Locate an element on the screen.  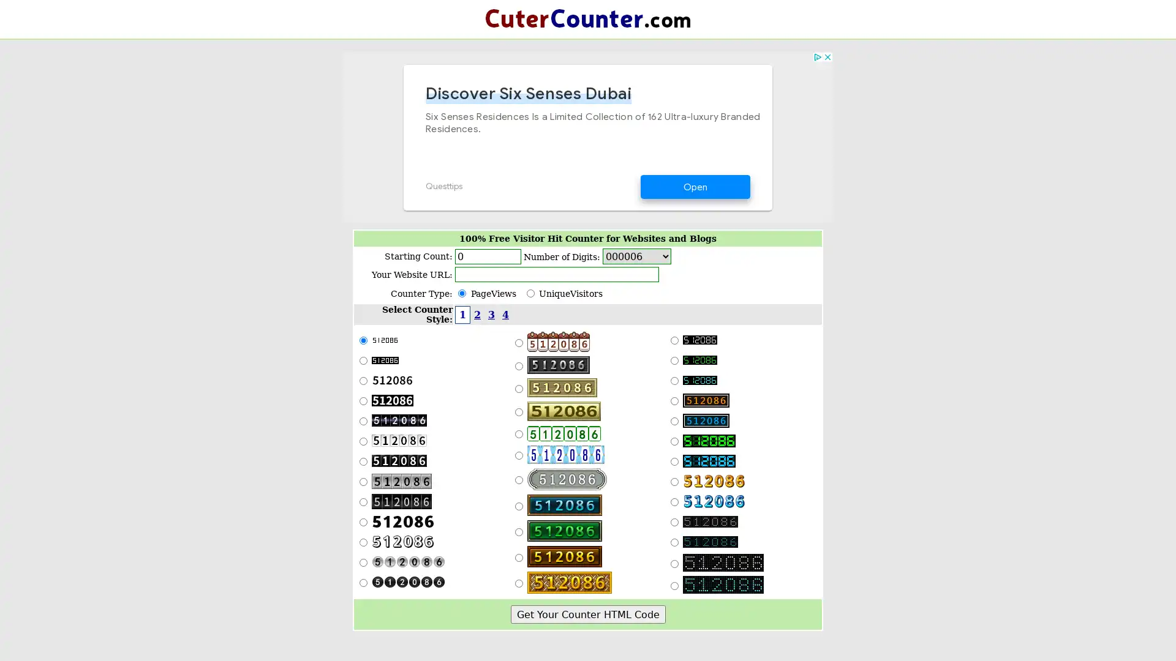
Get Your Counter HTML Code is located at coordinates (587, 614).